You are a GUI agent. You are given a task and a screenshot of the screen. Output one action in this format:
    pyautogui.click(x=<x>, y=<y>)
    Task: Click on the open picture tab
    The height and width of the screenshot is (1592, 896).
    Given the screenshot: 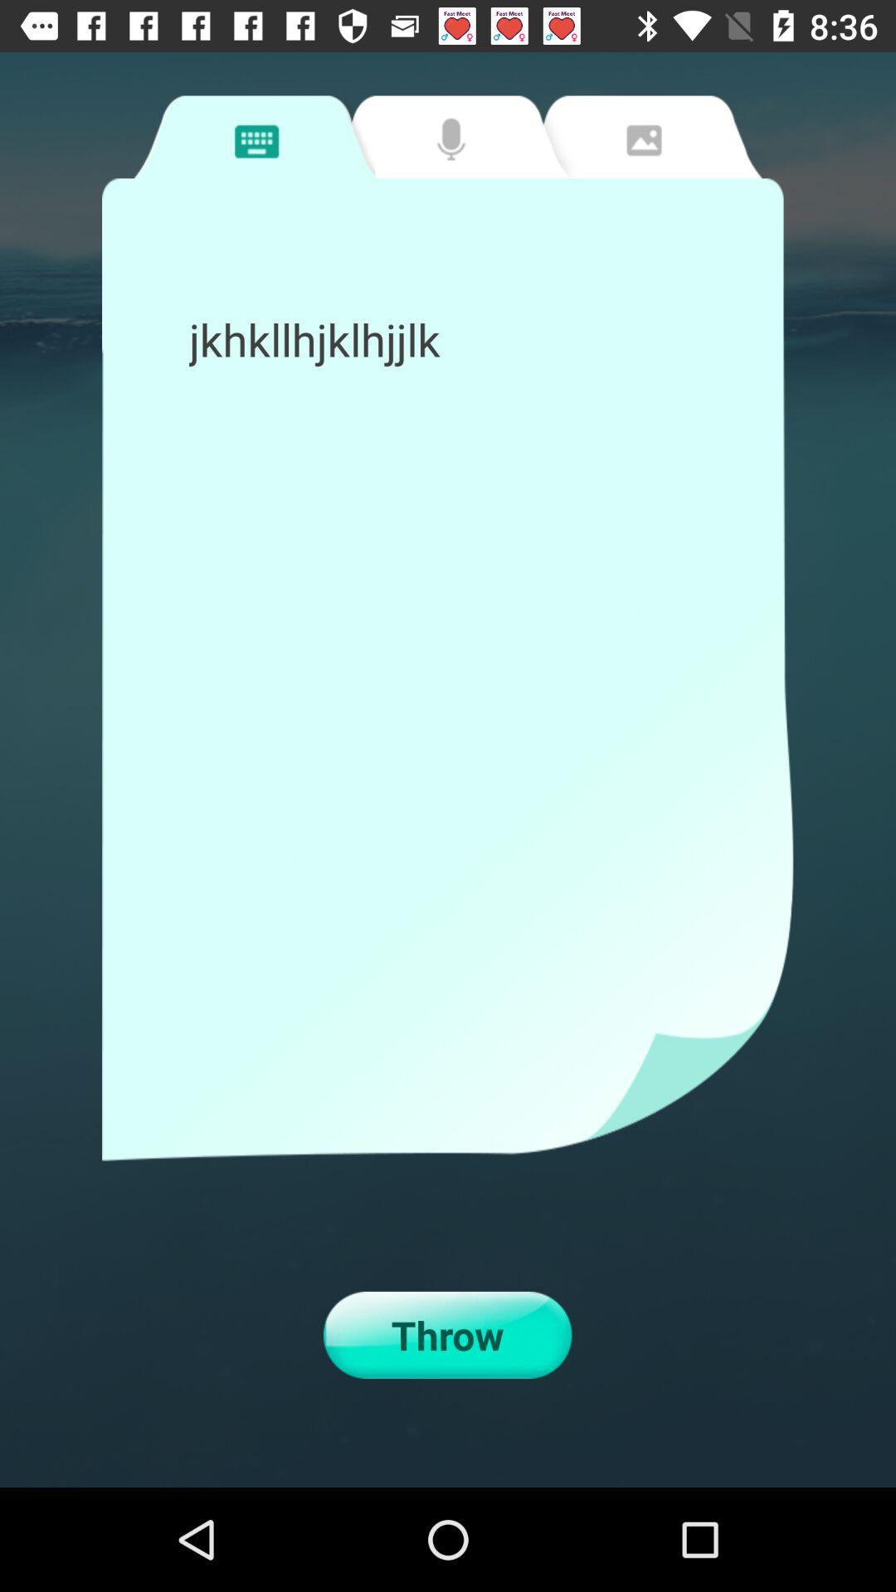 What is the action you would take?
    pyautogui.click(x=640, y=137)
    